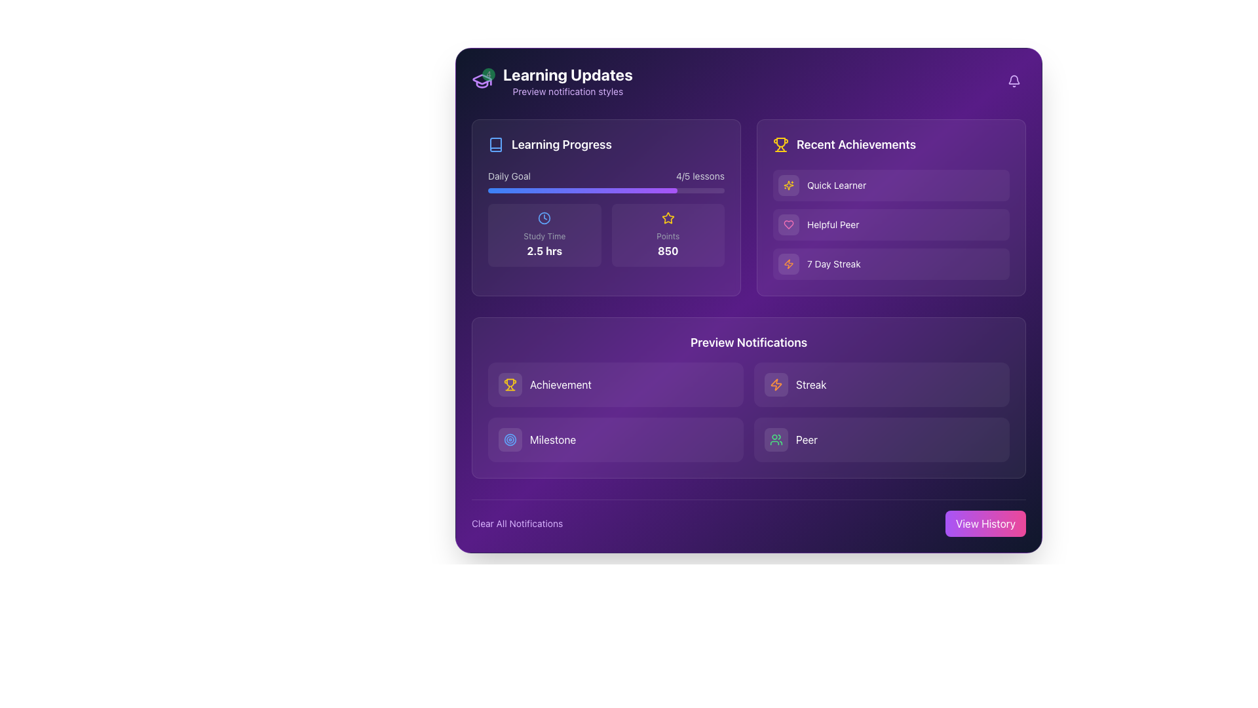 The image size is (1258, 708). What do you see at coordinates (780, 144) in the screenshot?
I see `the trophy icon representing the 'Recent Achievements' section, located at the top right of the interface, to provide a visual cue about the section's nature` at bounding box center [780, 144].